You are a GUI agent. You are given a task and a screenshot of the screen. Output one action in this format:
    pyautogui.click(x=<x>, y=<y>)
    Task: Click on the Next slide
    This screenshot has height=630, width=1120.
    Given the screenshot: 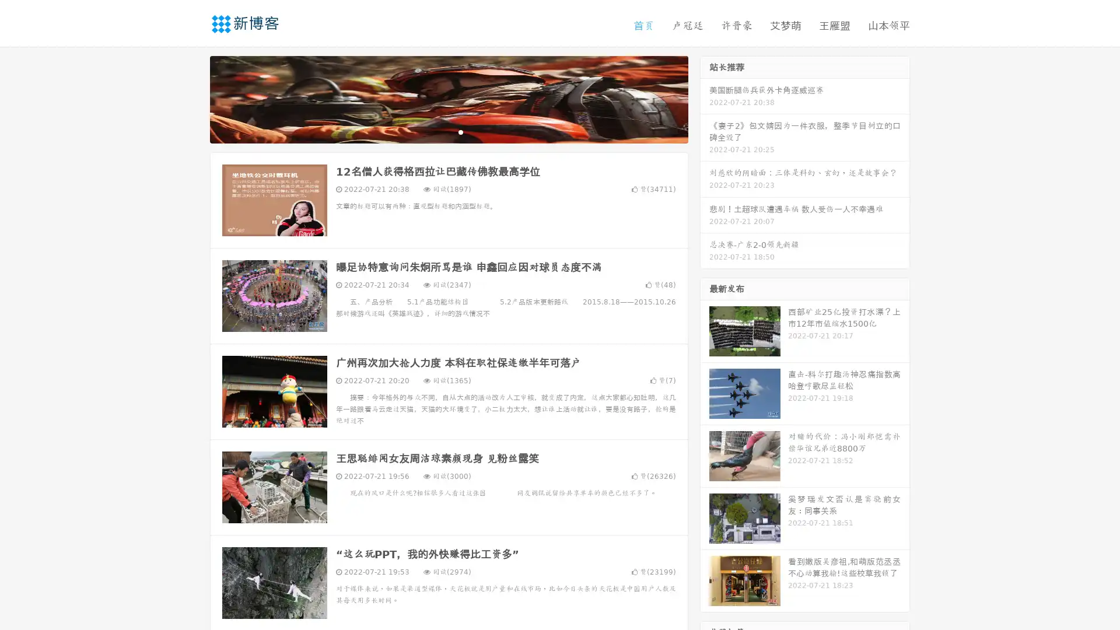 What is the action you would take?
    pyautogui.click(x=705, y=98)
    